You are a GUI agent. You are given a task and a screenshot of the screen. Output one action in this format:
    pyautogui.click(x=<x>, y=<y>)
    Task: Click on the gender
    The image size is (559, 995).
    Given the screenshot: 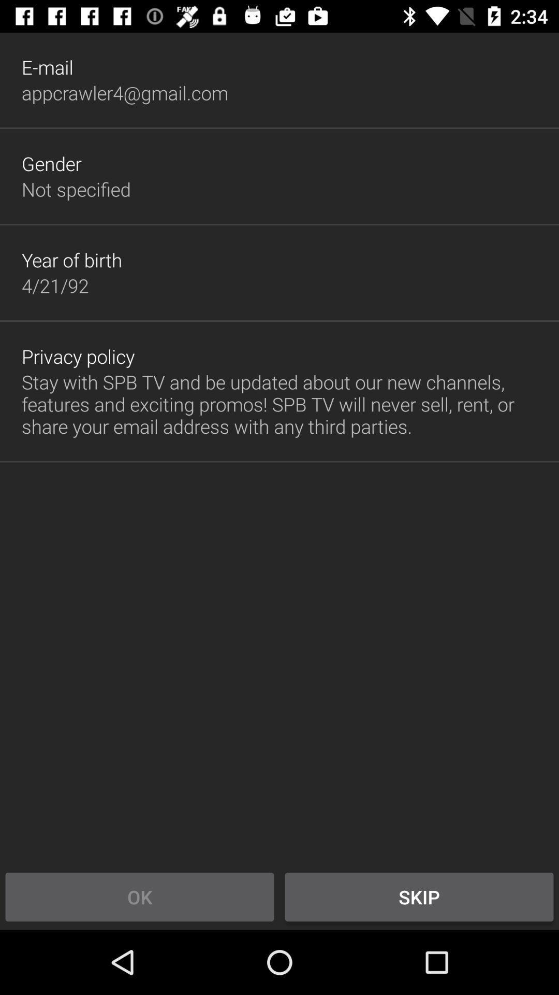 What is the action you would take?
    pyautogui.click(x=51, y=163)
    